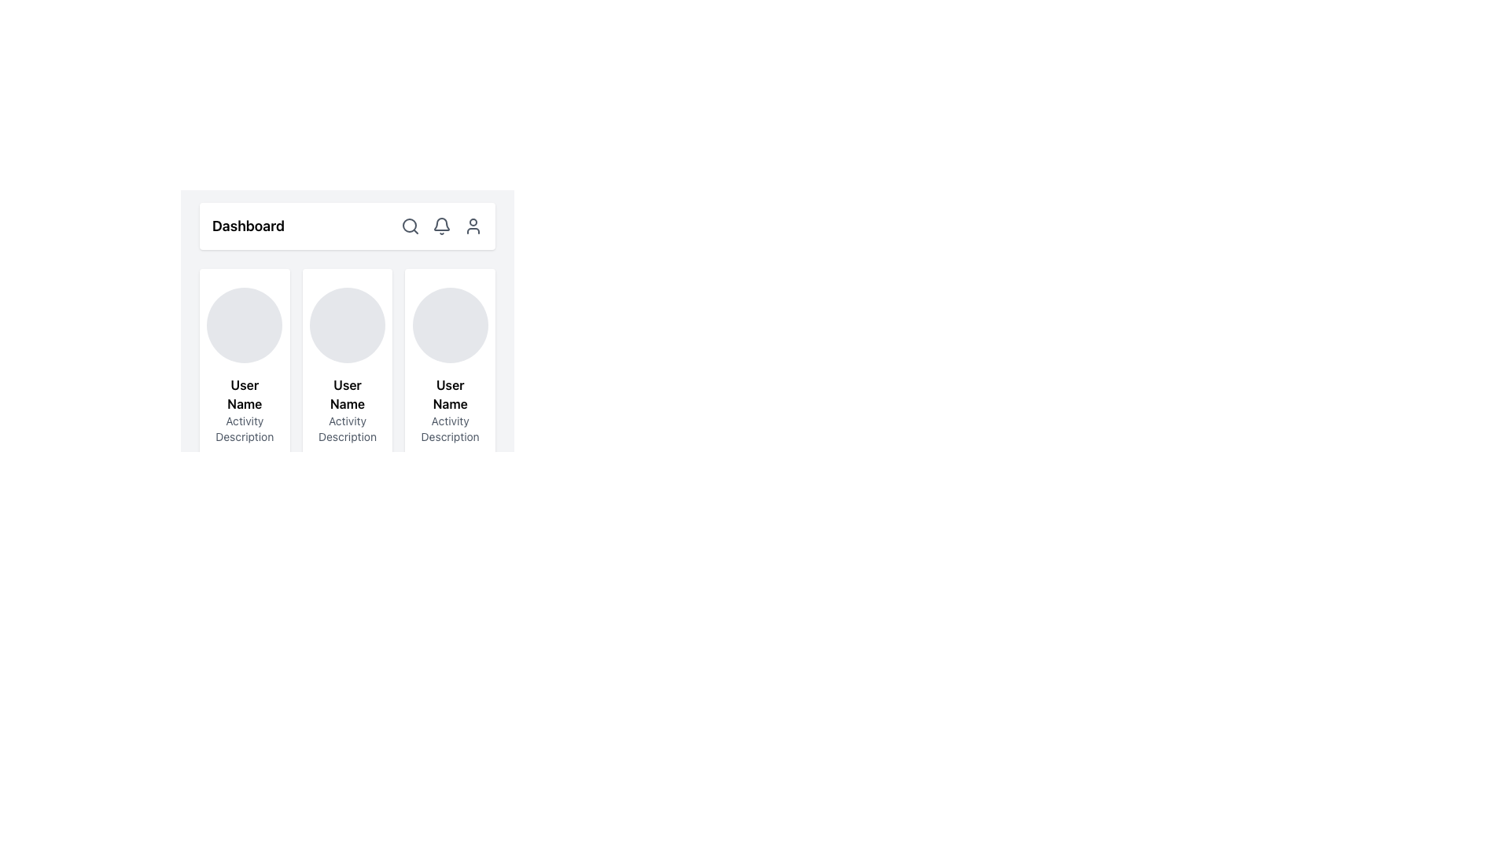  What do you see at coordinates (248, 226) in the screenshot?
I see `the 'Dashboard' text label, which serves as an indicator of the current section within the application` at bounding box center [248, 226].